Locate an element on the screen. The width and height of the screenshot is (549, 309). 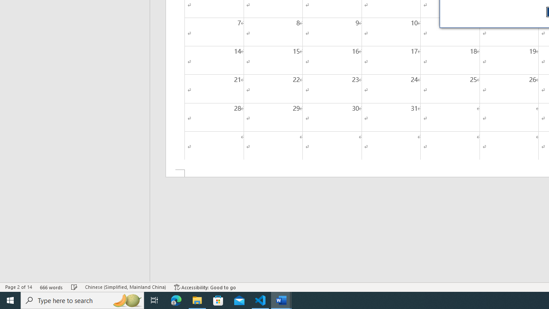
'Start' is located at coordinates (10, 300).